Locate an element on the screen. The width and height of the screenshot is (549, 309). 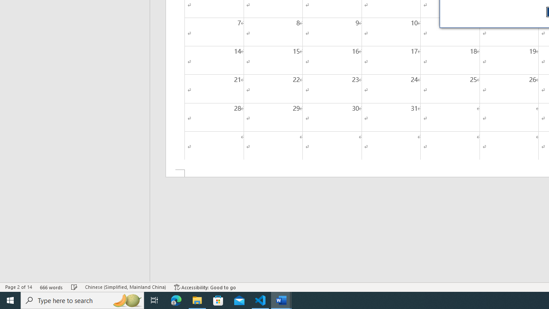
'Start' is located at coordinates (10, 300).